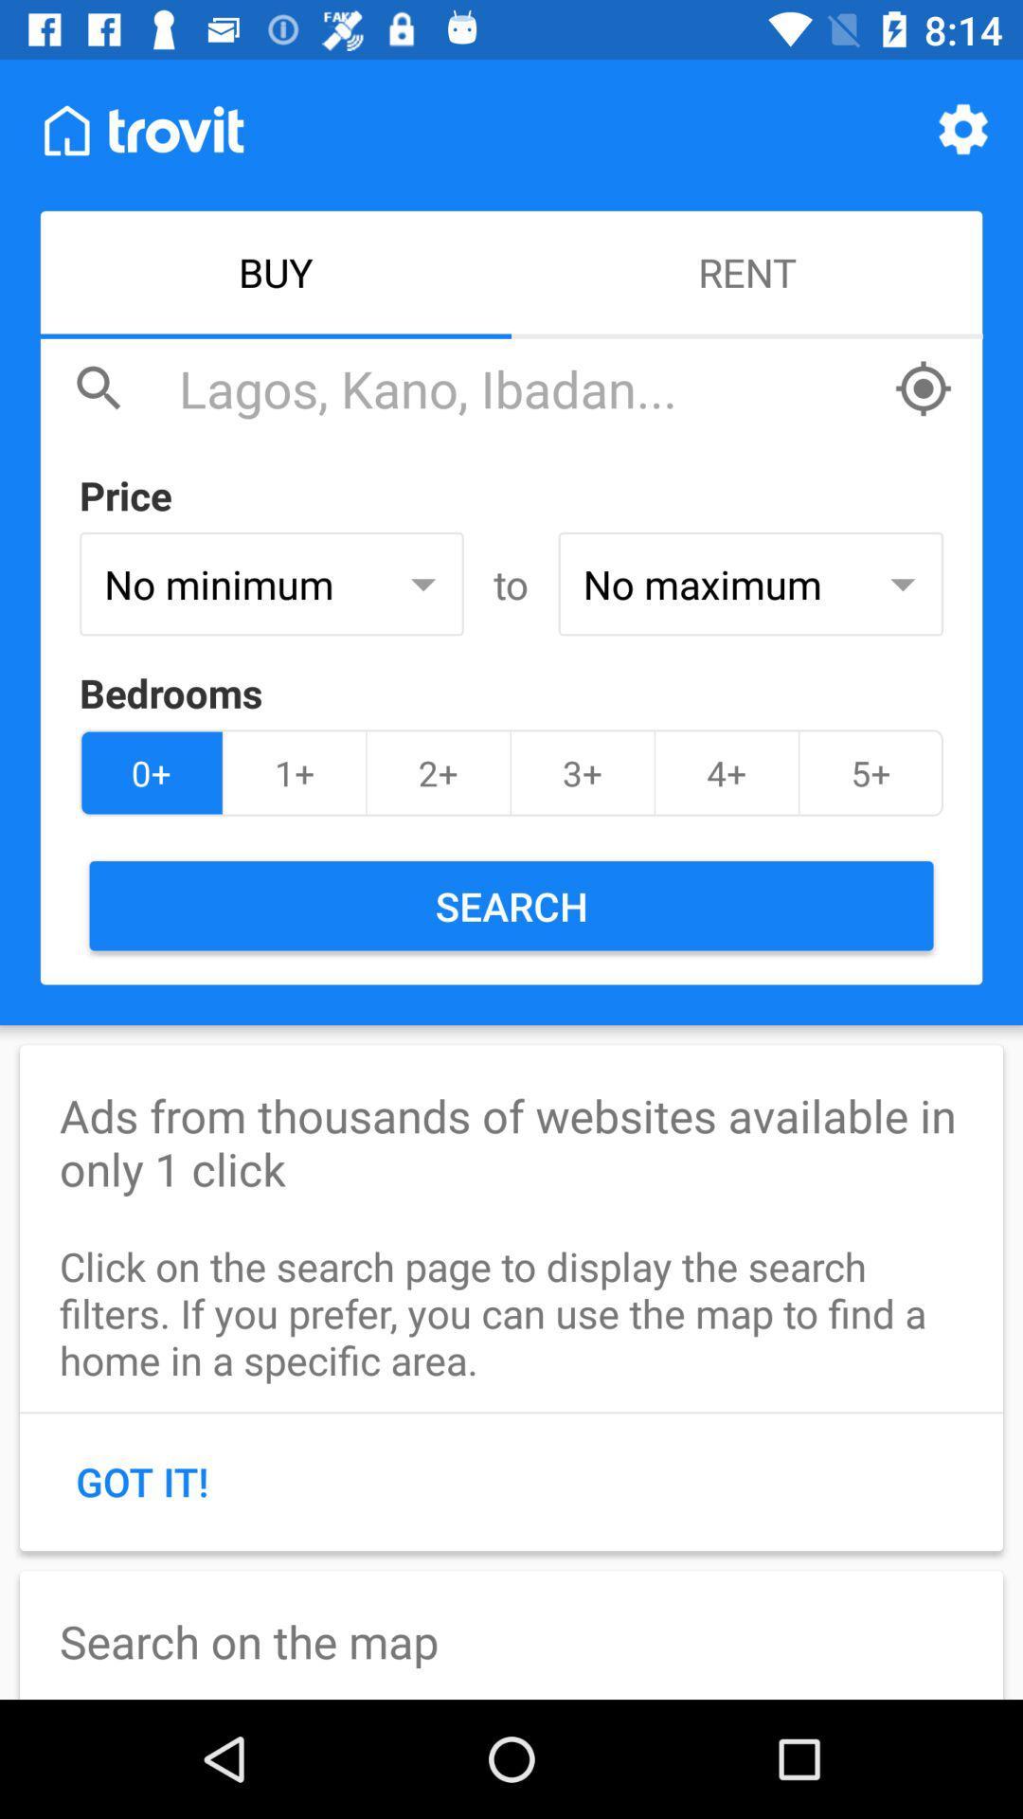  Describe the element at coordinates (511, 1634) in the screenshot. I see `icon below the got it! item` at that location.